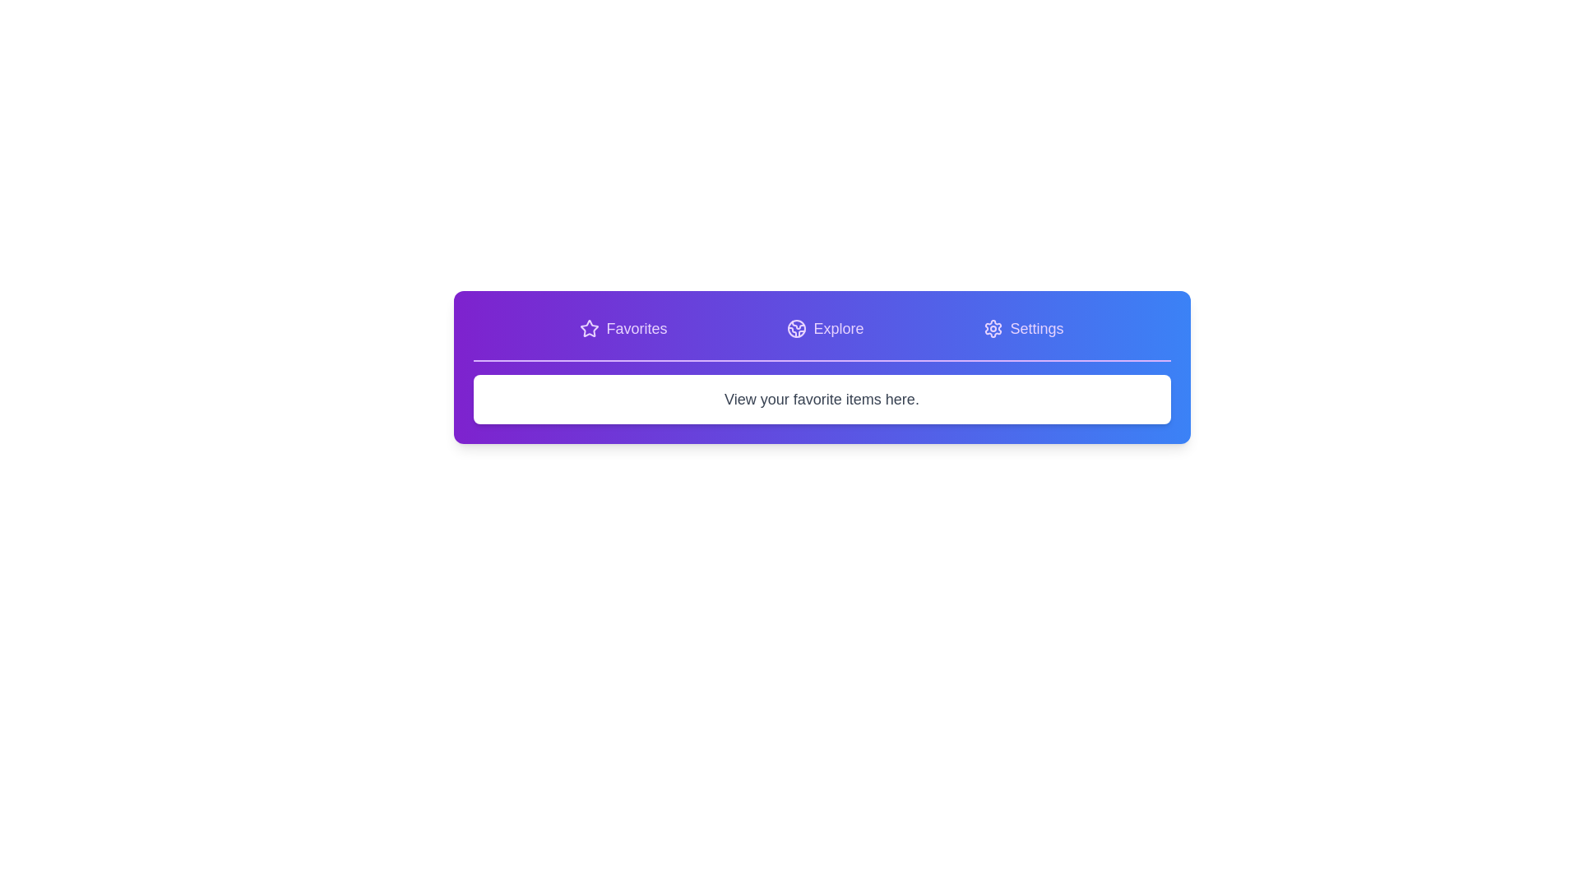  What do you see at coordinates (825, 329) in the screenshot?
I see `the Explore tab to view its content` at bounding box center [825, 329].